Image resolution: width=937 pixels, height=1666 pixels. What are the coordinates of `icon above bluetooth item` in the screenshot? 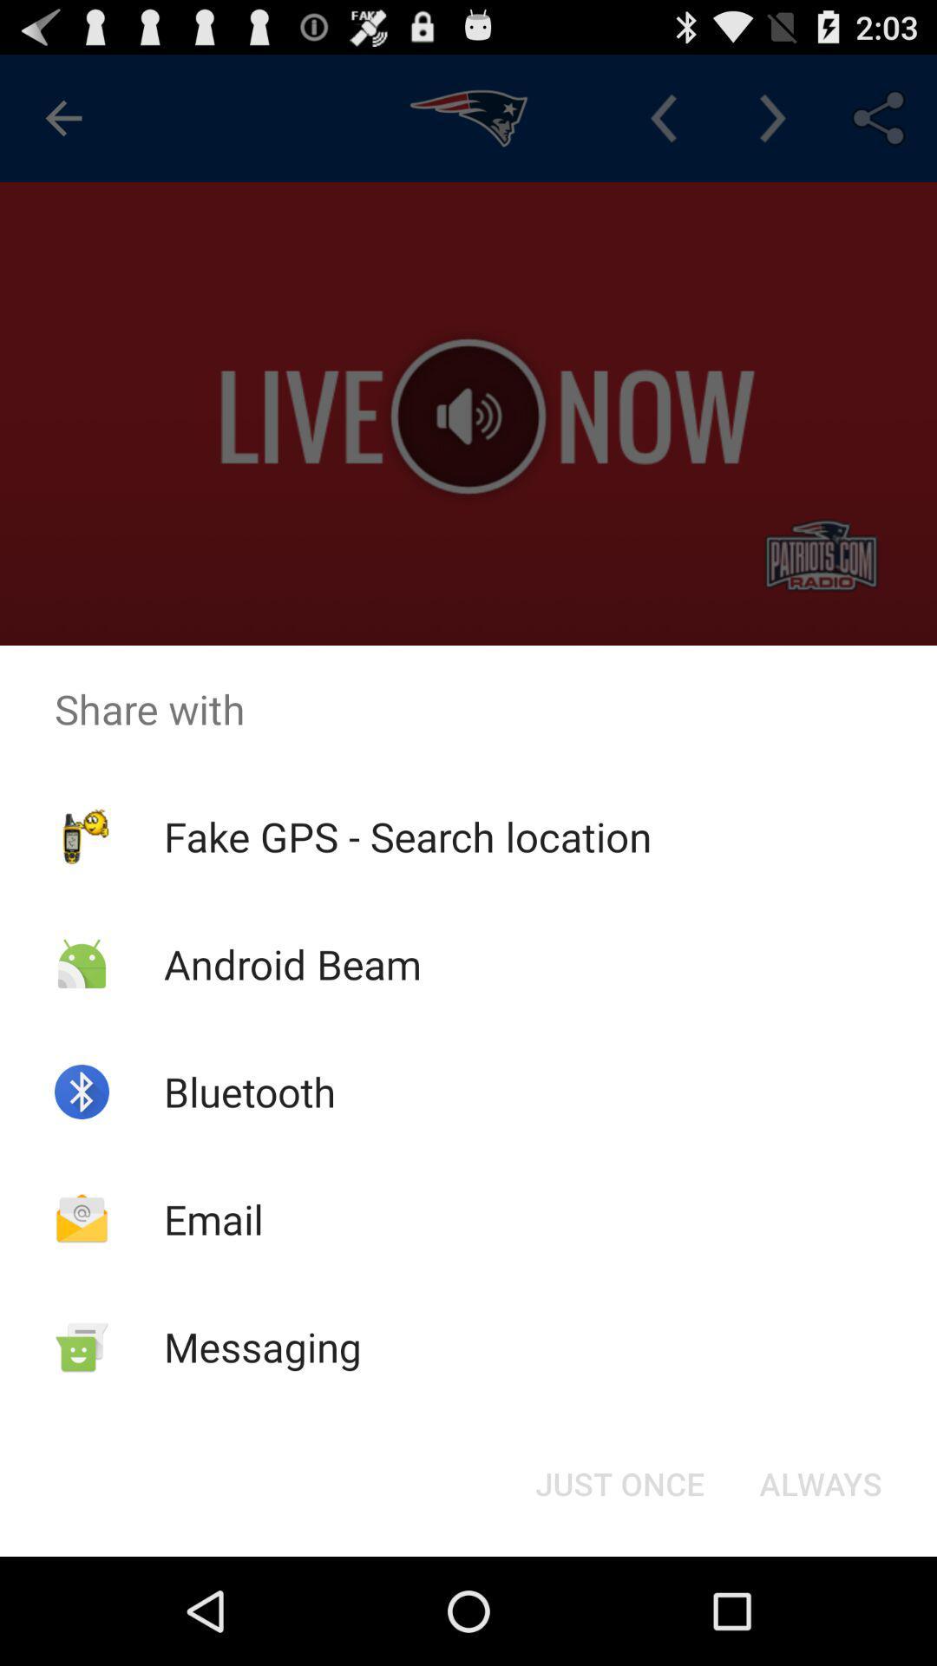 It's located at (292, 963).